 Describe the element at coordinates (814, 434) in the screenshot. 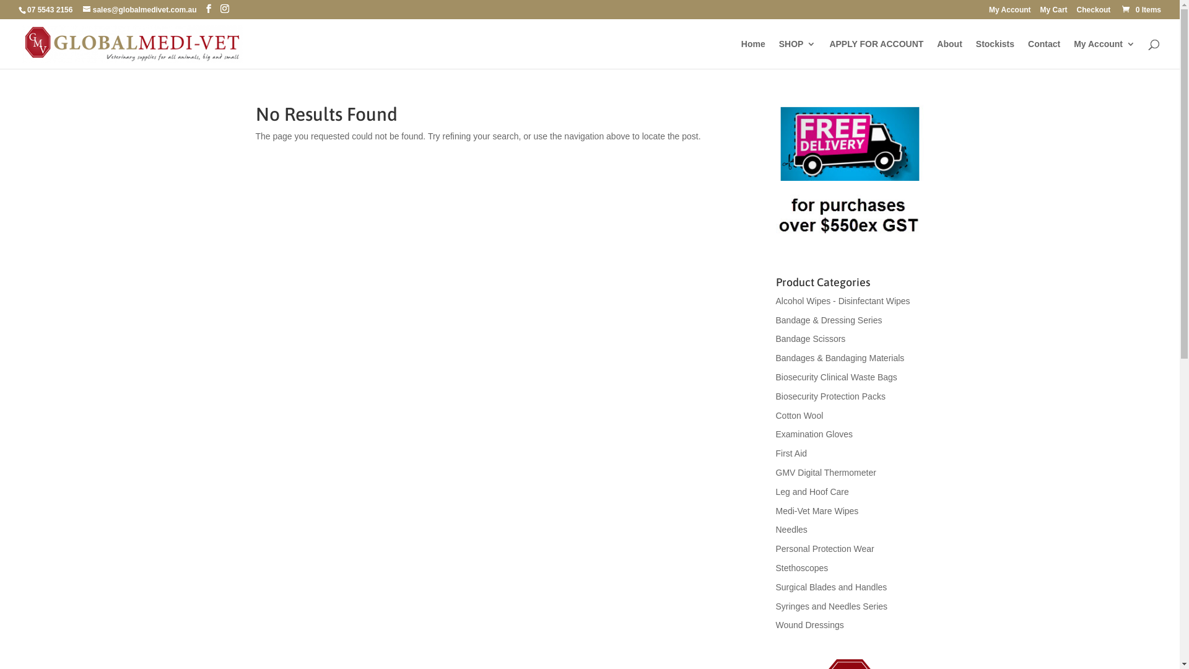

I see `'Examination Gloves'` at that location.